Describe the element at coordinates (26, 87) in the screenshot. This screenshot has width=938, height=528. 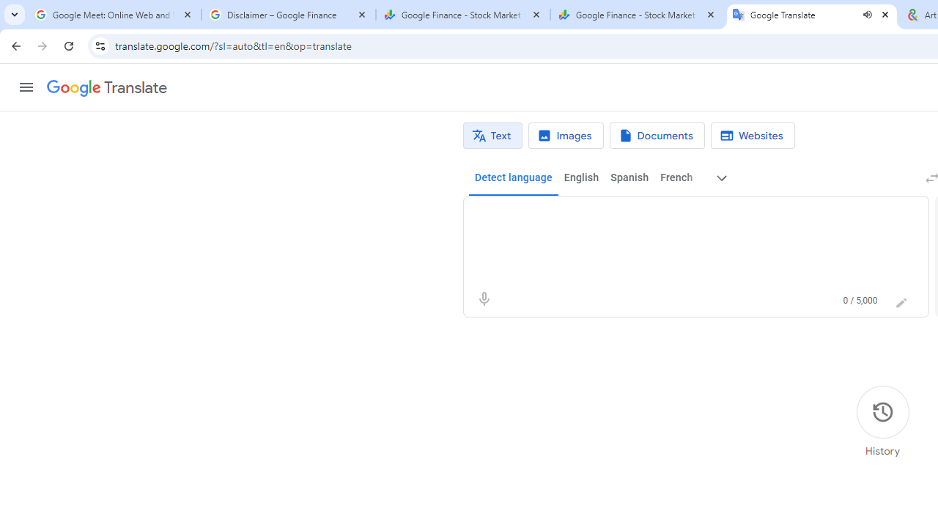
I see `'Main menu'` at that location.